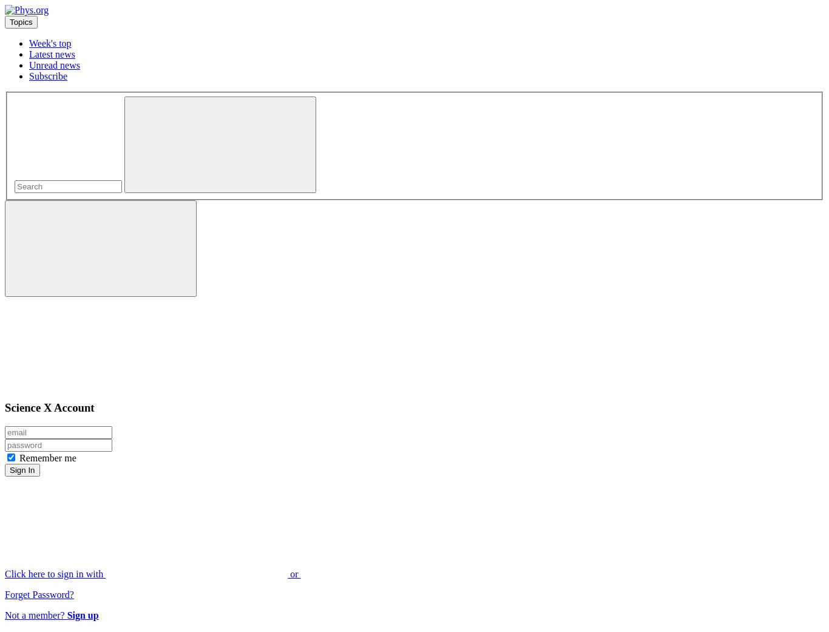 The height and width of the screenshot is (632, 829). What do you see at coordinates (21, 21) in the screenshot?
I see `'Topics'` at bounding box center [21, 21].